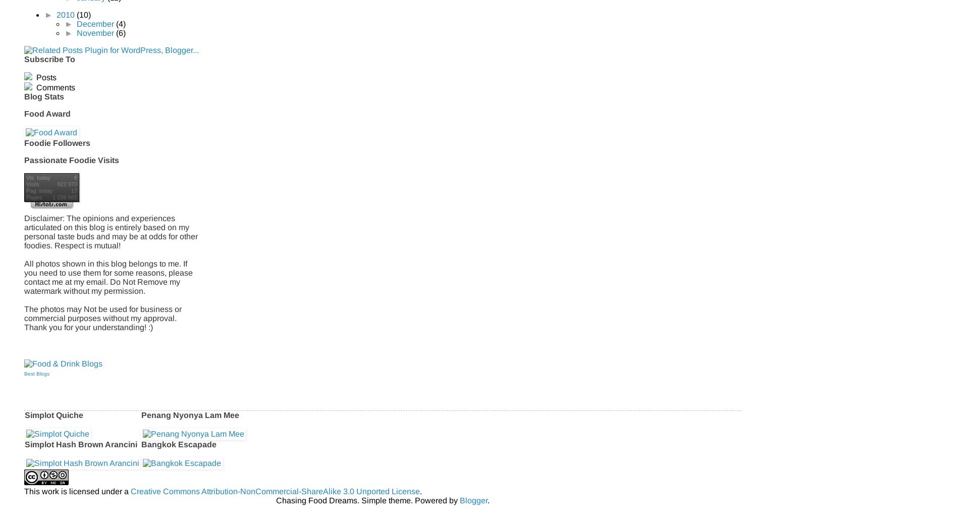 The image size is (963, 523). Describe the element at coordinates (102, 318) in the screenshot. I see `'The photos may Not be used for business or commercial purposes without my approval. Thank you for your understanding! :)'` at that location.